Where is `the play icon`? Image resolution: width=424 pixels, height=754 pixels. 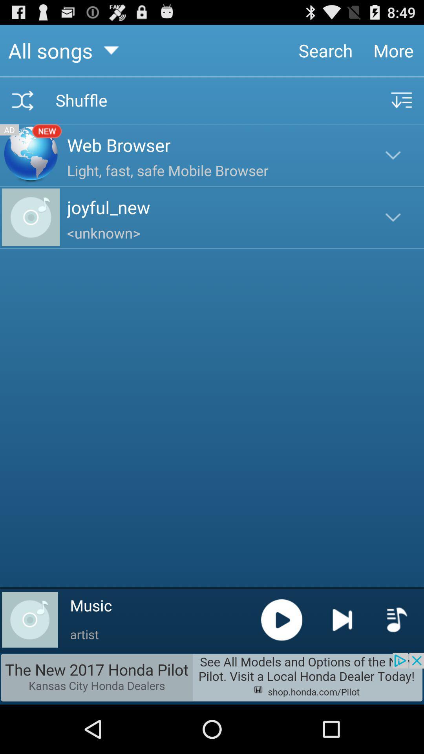
the play icon is located at coordinates (281, 663).